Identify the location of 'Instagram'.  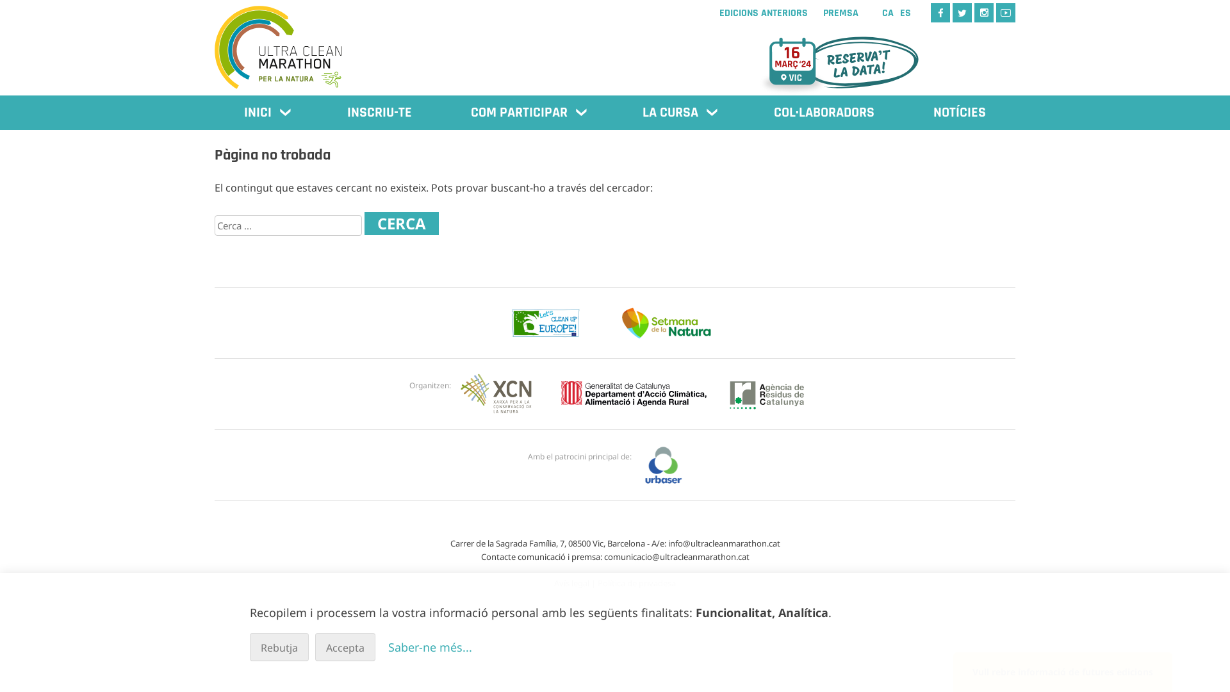
(974, 12).